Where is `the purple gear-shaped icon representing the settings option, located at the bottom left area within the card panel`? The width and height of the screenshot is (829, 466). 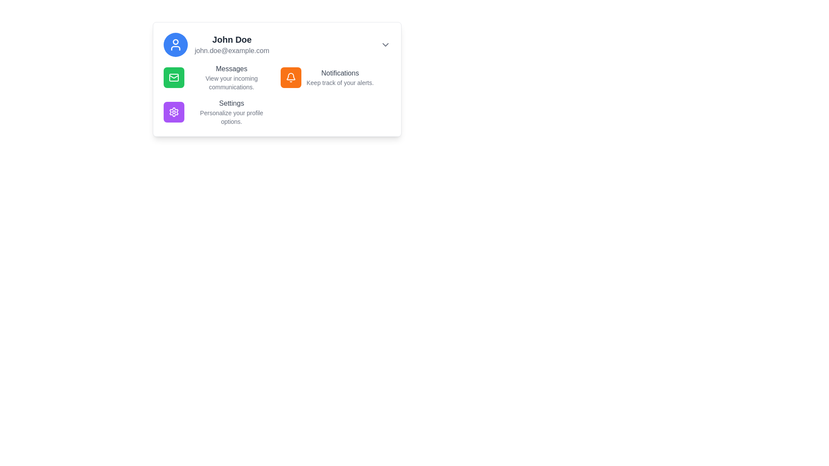
the purple gear-shaped icon representing the settings option, located at the bottom left area within the card panel is located at coordinates (174, 111).